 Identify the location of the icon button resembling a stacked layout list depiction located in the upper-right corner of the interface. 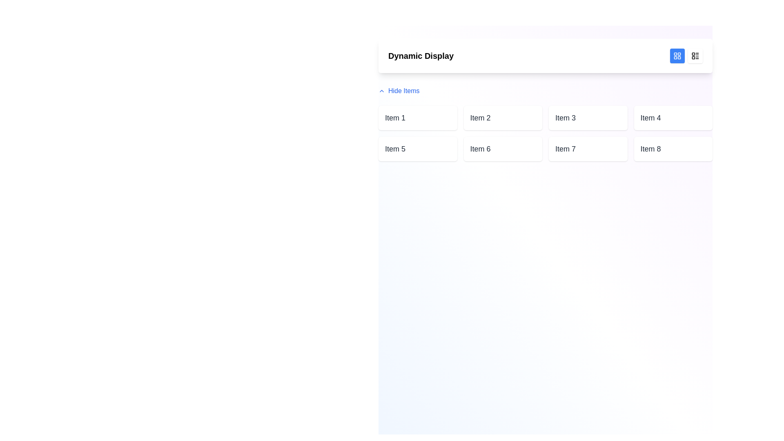
(695, 56).